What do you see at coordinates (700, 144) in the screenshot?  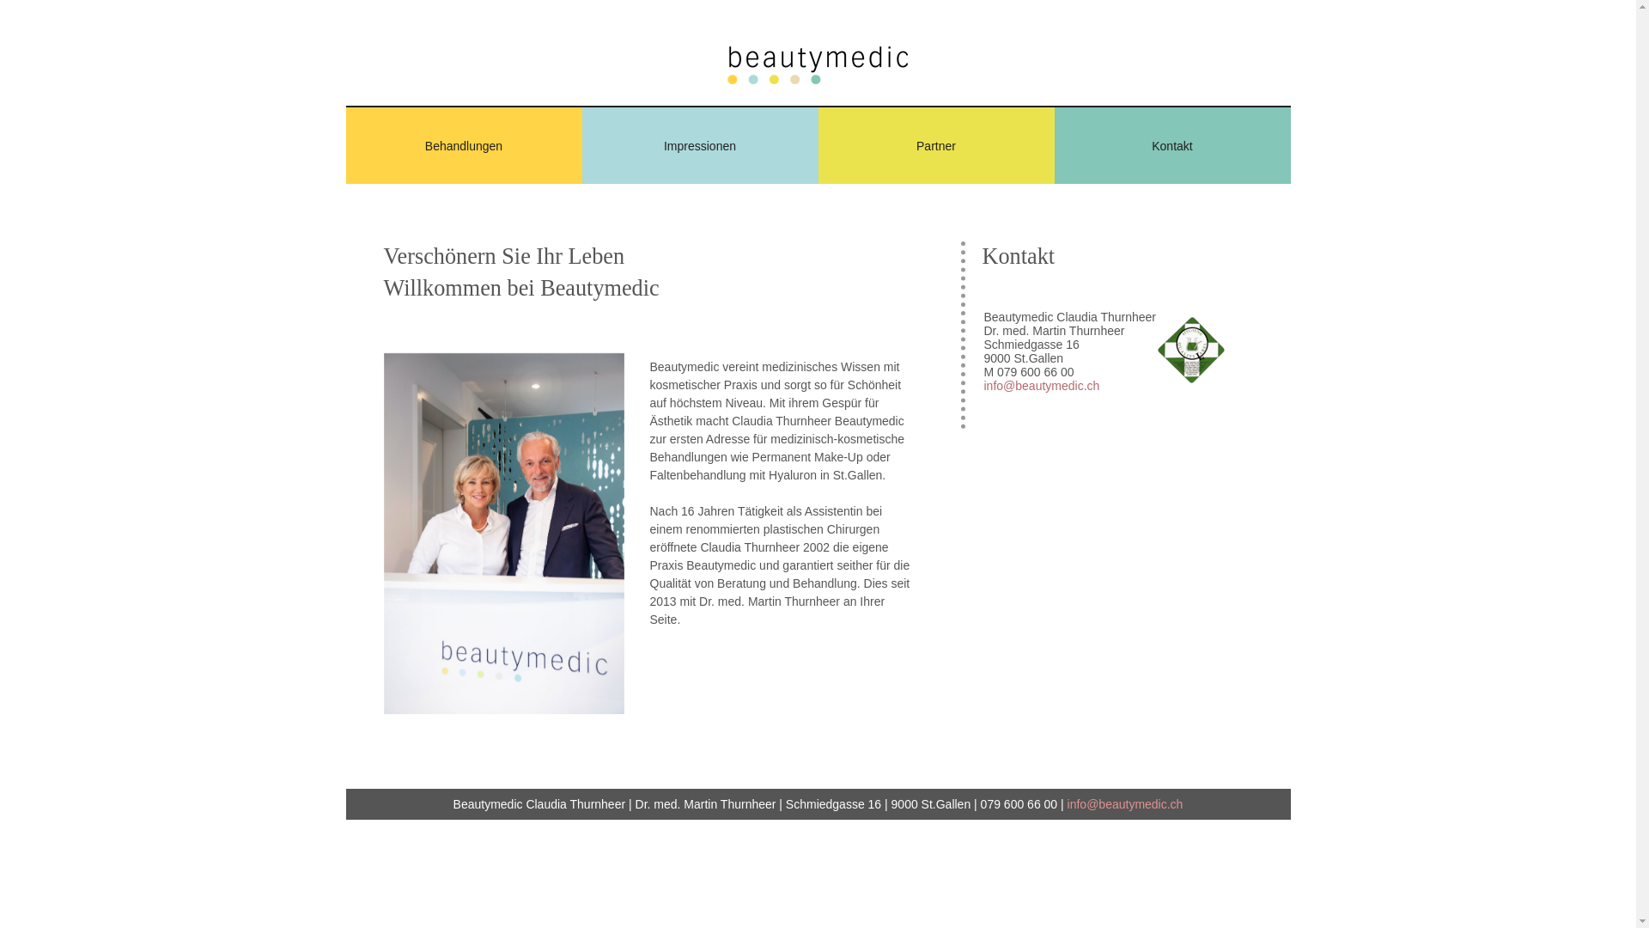 I see `'Impressionen'` at bounding box center [700, 144].